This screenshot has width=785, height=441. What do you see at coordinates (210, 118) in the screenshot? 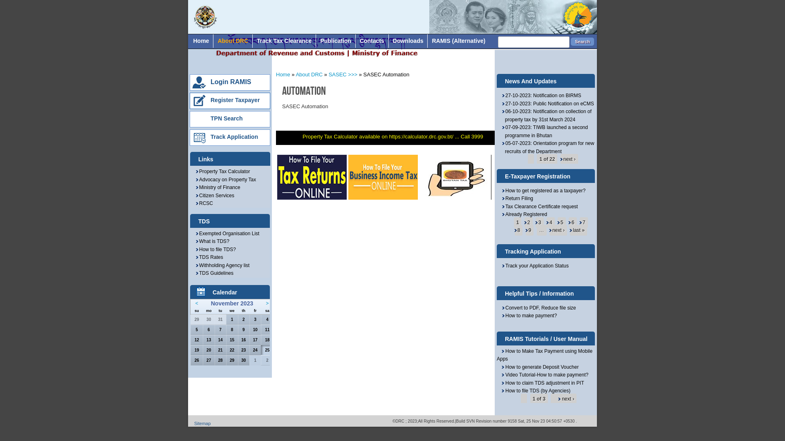
I see `'TPN Search'` at bounding box center [210, 118].